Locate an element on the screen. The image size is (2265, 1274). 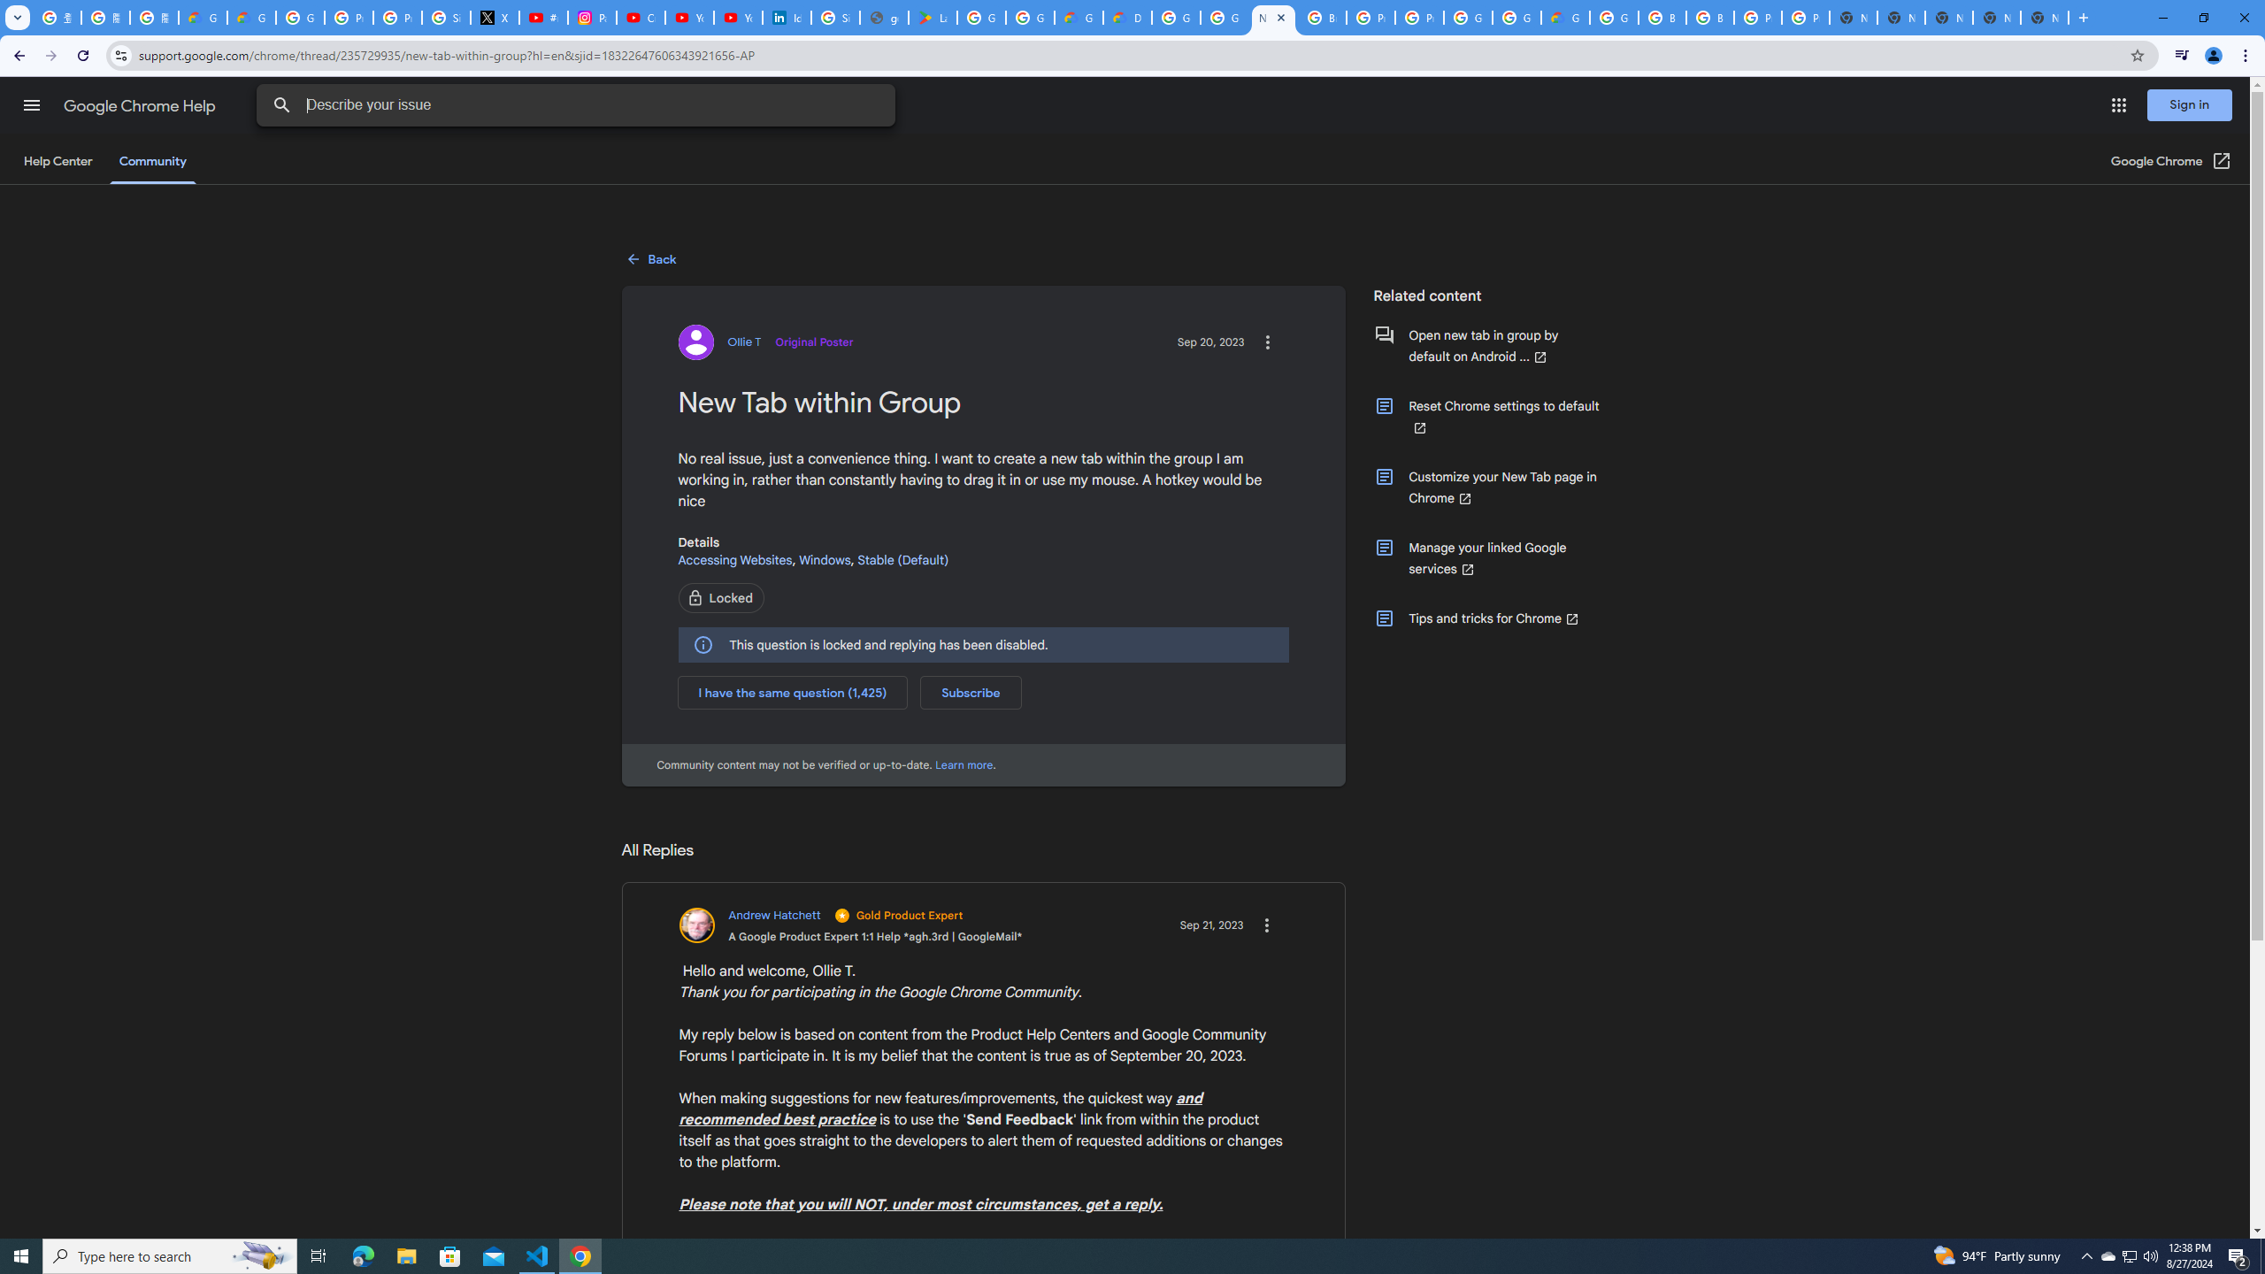
'View profile for Ollie T' is located at coordinates (764, 342).